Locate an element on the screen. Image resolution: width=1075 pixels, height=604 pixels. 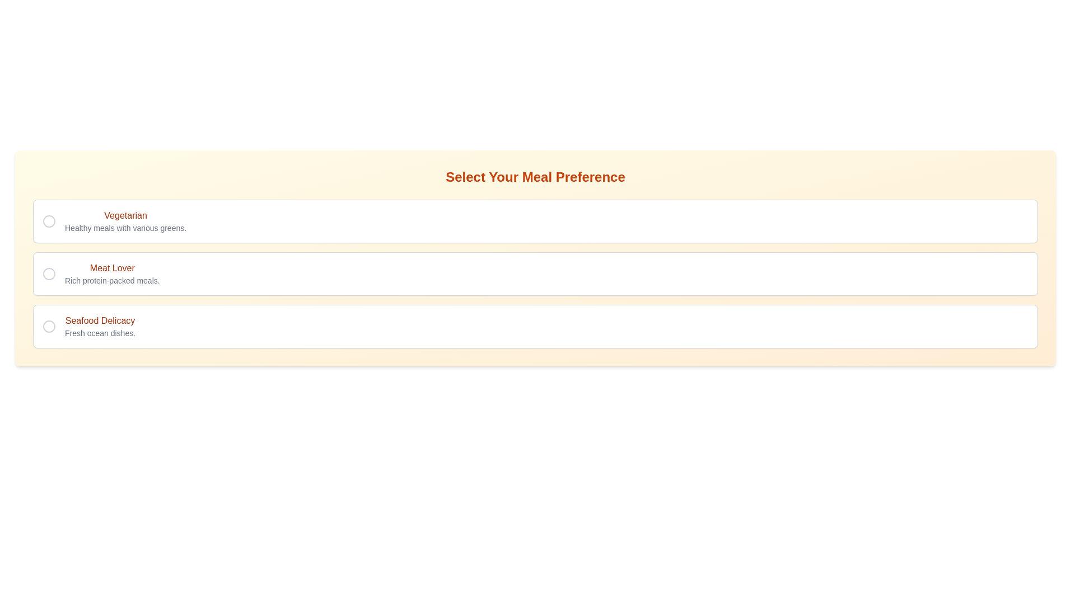
the SVG circle with a gray stroke color located to the left of the 'Meat Lover' text in the meal preference selection interface is located at coordinates (48, 273).